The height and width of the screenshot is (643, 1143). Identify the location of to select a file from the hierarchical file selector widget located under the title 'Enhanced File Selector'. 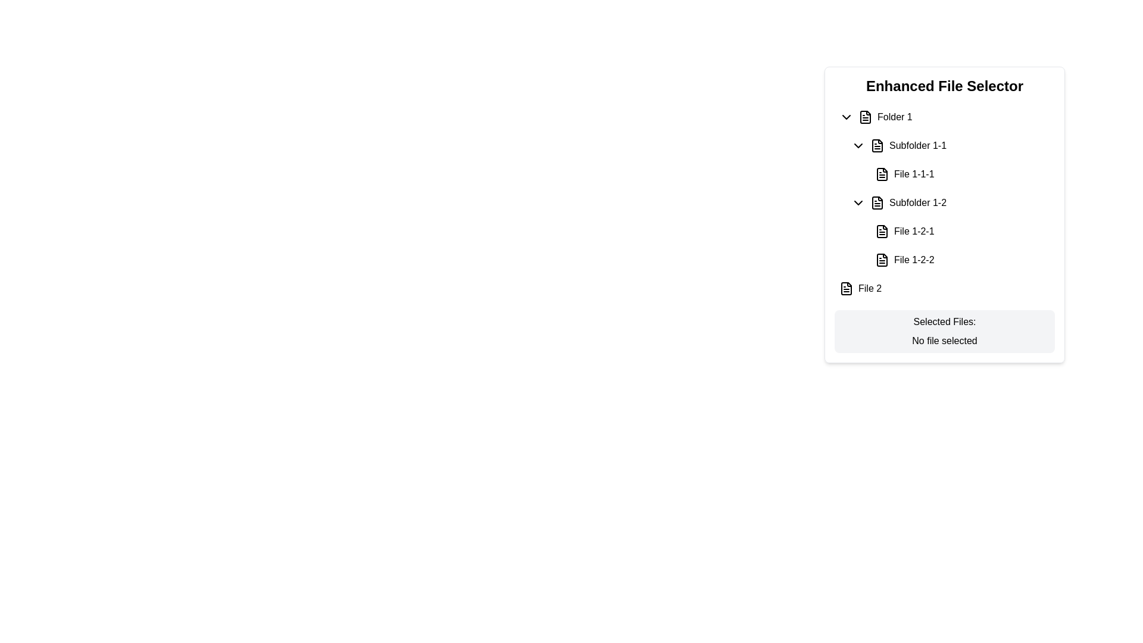
(944, 202).